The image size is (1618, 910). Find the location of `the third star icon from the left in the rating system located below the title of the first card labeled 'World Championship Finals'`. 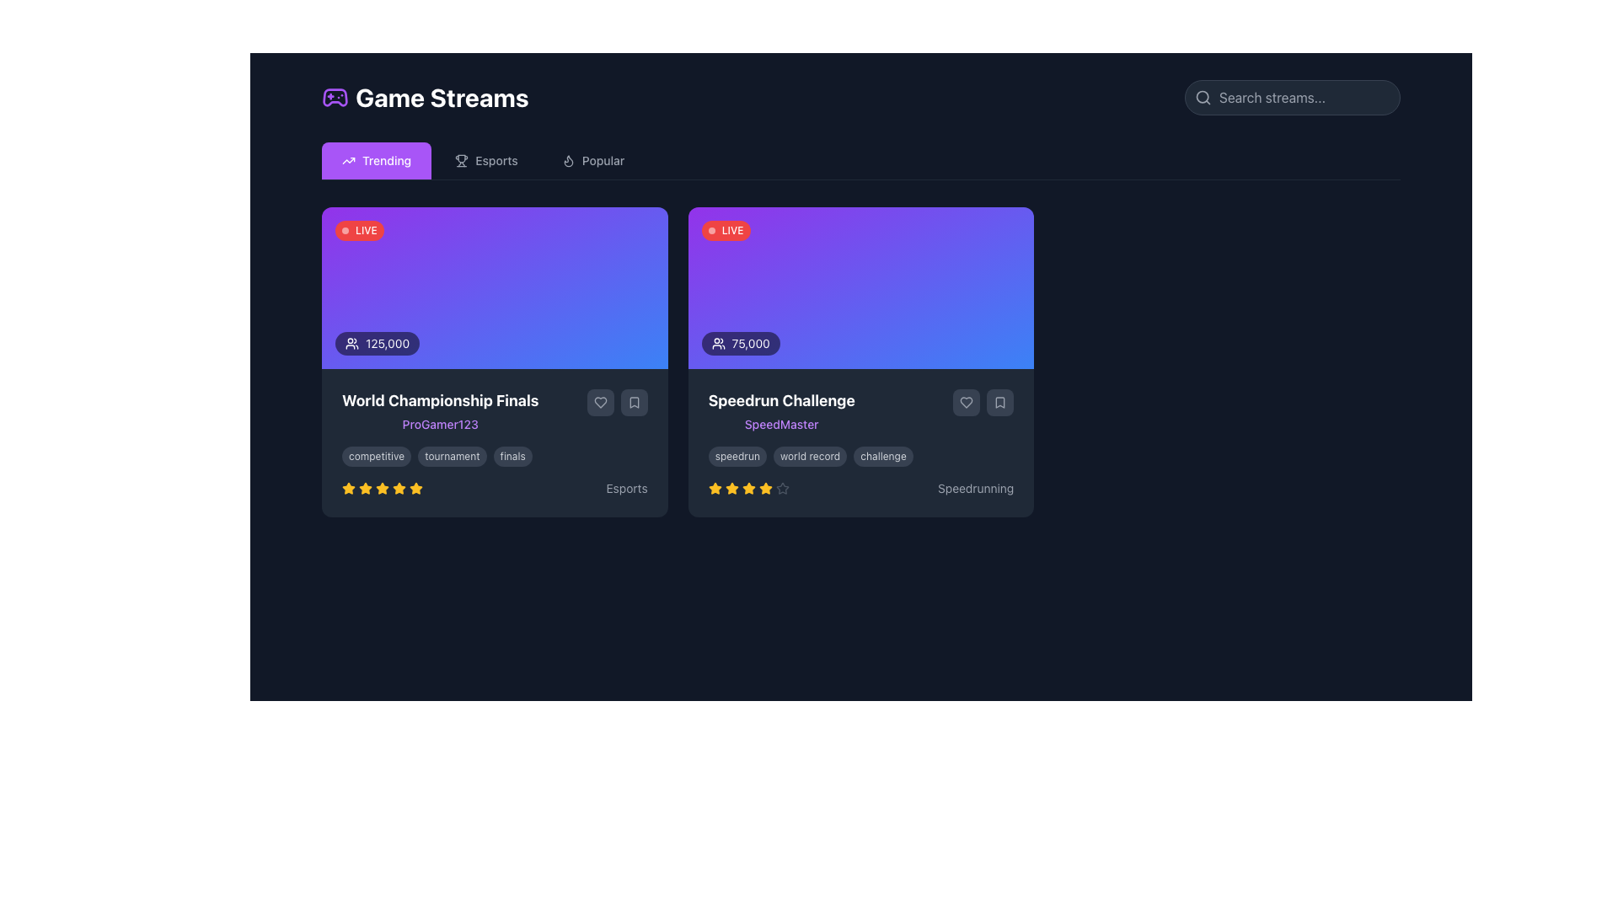

the third star icon from the left in the rating system located below the title of the first card labeled 'World Championship Finals' is located at coordinates (364, 488).